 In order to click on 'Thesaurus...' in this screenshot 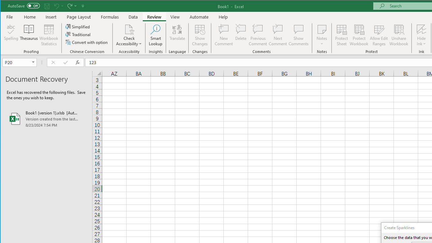, I will do `click(29, 35)`.